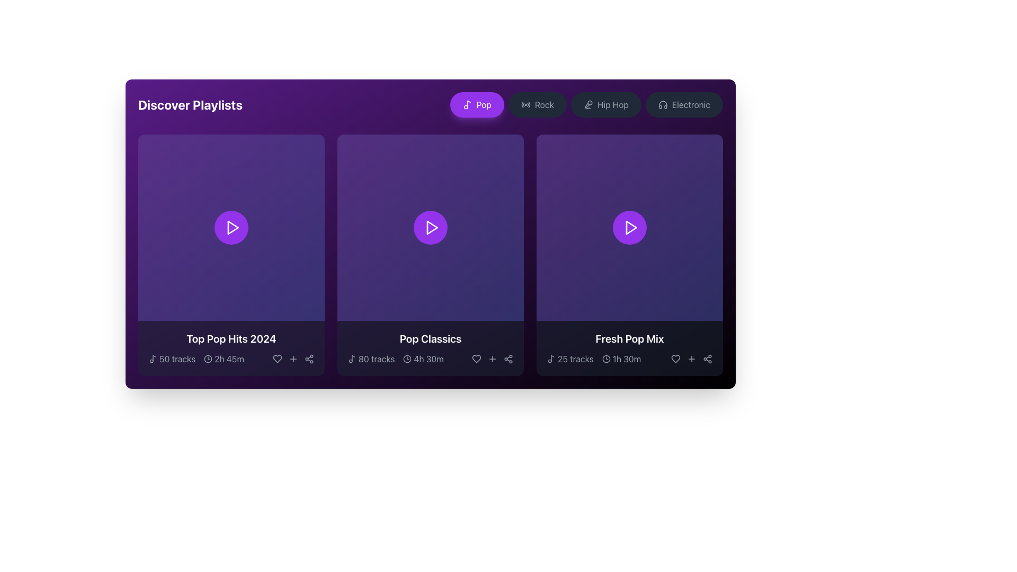 This screenshot has width=1017, height=572. I want to click on the 'Electronic' button, which is a rounded rectangle with a dark gray background and light gray text, located as the rightmost button in a group of buttons near the top of the page, so click(684, 104).